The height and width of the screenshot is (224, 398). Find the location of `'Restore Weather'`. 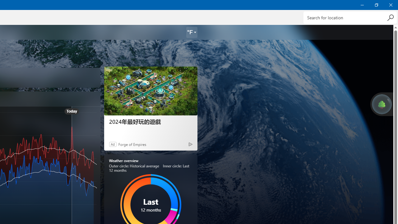

'Restore Weather' is located at coordinates (376, 5).